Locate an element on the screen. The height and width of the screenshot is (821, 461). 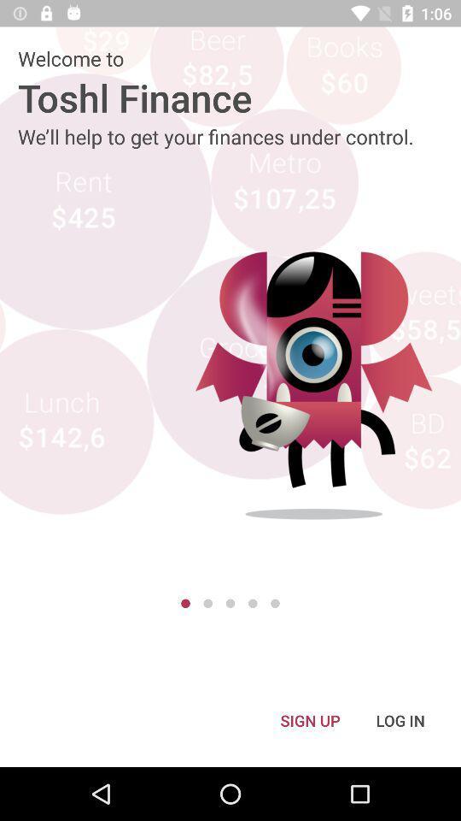
the log in is located at coordinates (400, 719).